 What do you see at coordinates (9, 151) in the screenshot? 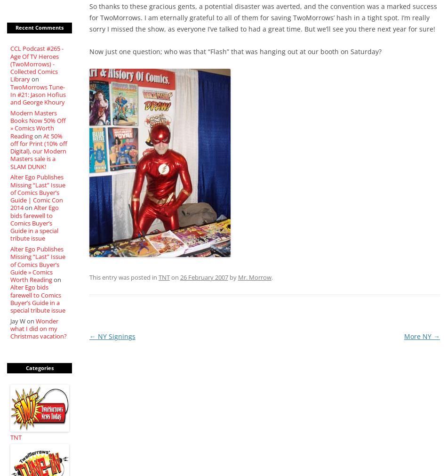
I see `'At 50% off for Print (10% off Digital), our Modern Masters sale is a SLAM DUNK!'` at bounding box center [9, 151].